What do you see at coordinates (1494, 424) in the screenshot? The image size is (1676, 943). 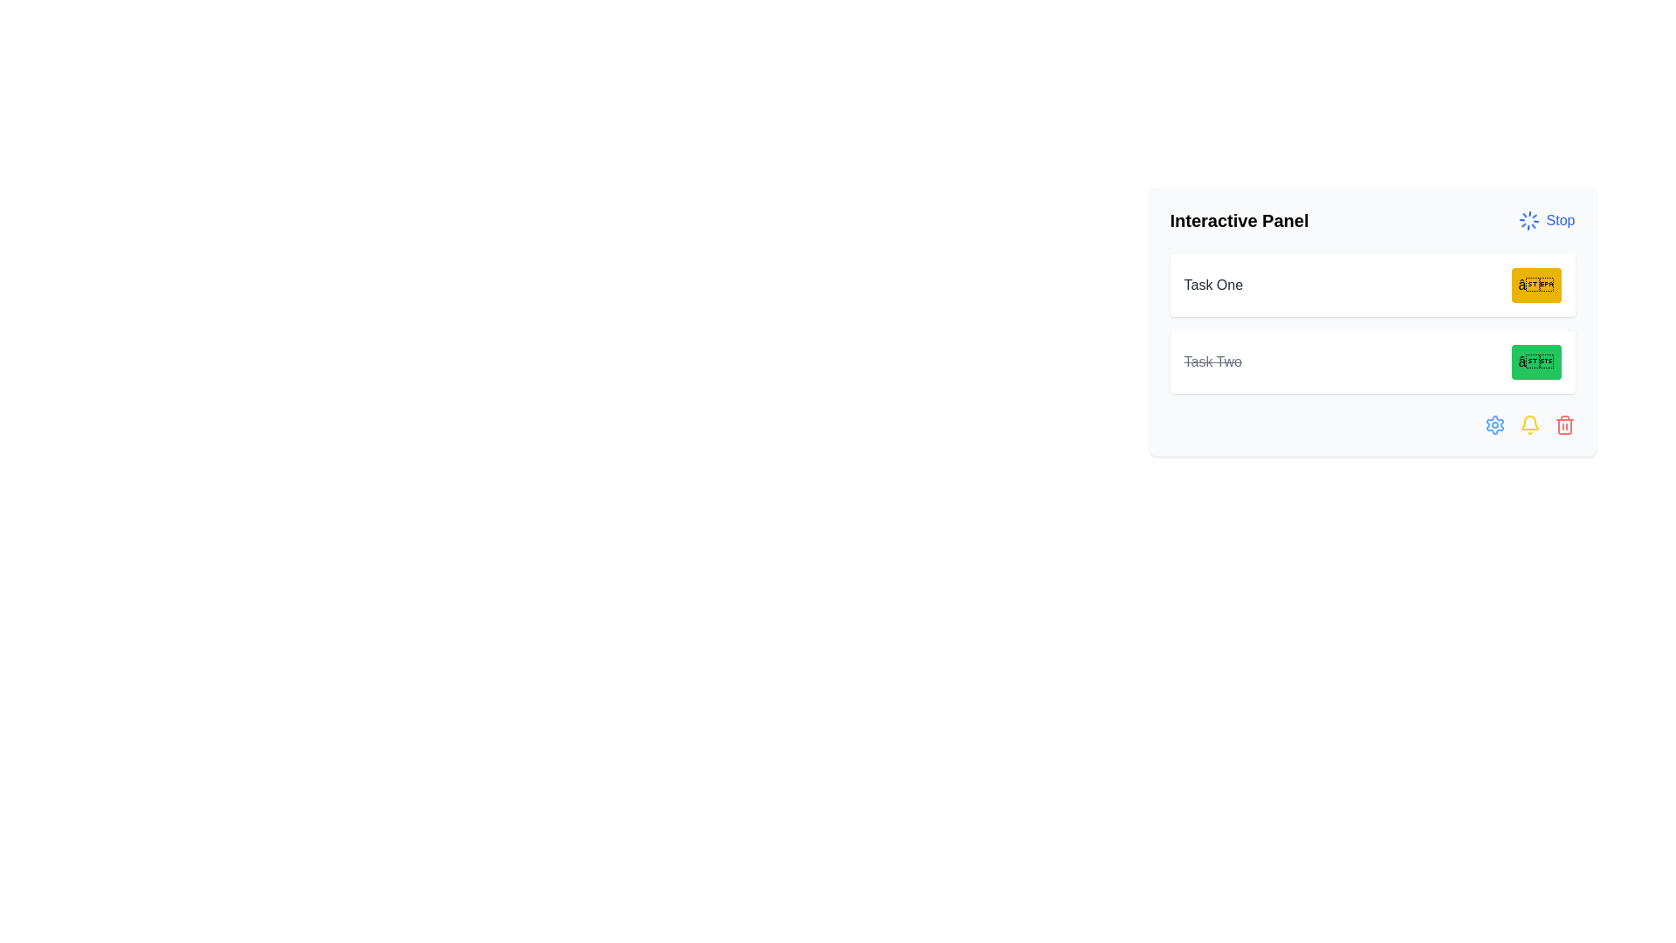 I see `the Icon Button, which is the leftmost item in a horizontal sequence of controls at the bottom right of the panel` at bounding box center [1494, 424].